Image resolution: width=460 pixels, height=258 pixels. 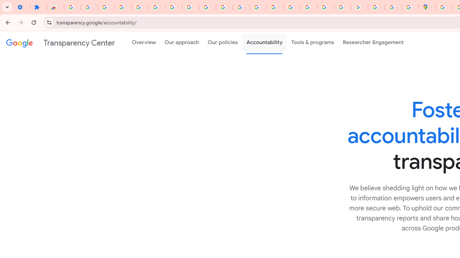 What do you see at coordinates (427, 7) in the screenshot?
I see `'Google Maps'` at bounding box center [427, 7].